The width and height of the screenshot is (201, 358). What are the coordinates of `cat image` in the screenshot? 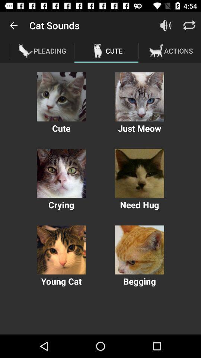 It's located at (61, 250).